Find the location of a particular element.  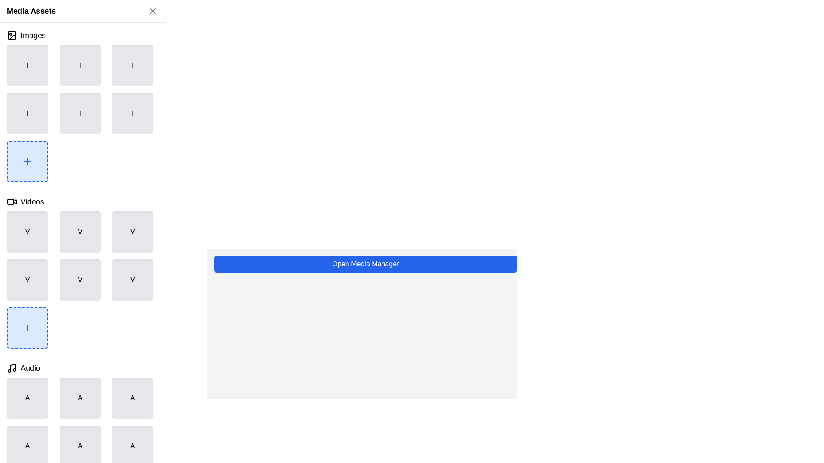

the small monochrome SVG icon resembling a video camera located in the left sidebar menu under the category 'Videos', positioned to the left of the text label 'Videos' is located at coordinates (12, 201).